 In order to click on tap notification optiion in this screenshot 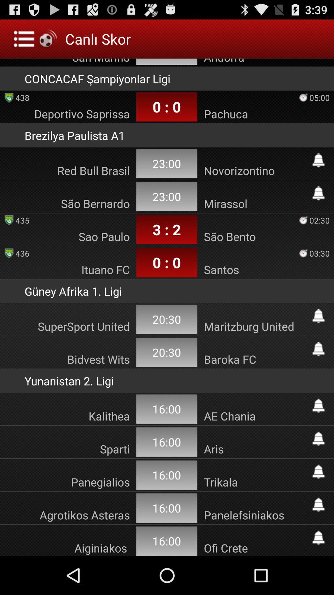, I will do `click(318, 439)`.